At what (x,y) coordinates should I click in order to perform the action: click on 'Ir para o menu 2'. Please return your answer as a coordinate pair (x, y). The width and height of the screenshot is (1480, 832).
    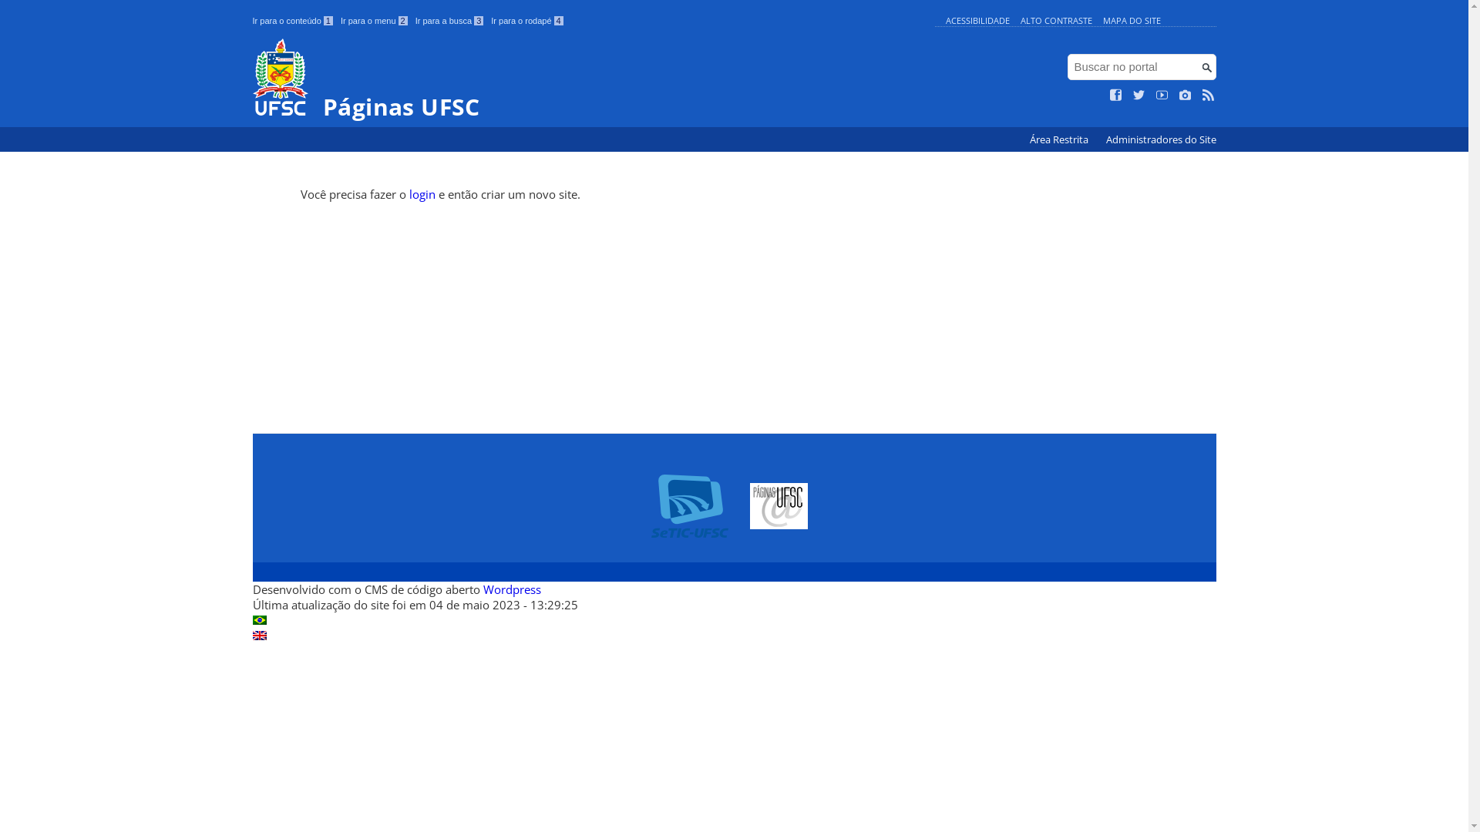
    Looking at the image, I should click on (374, 21).